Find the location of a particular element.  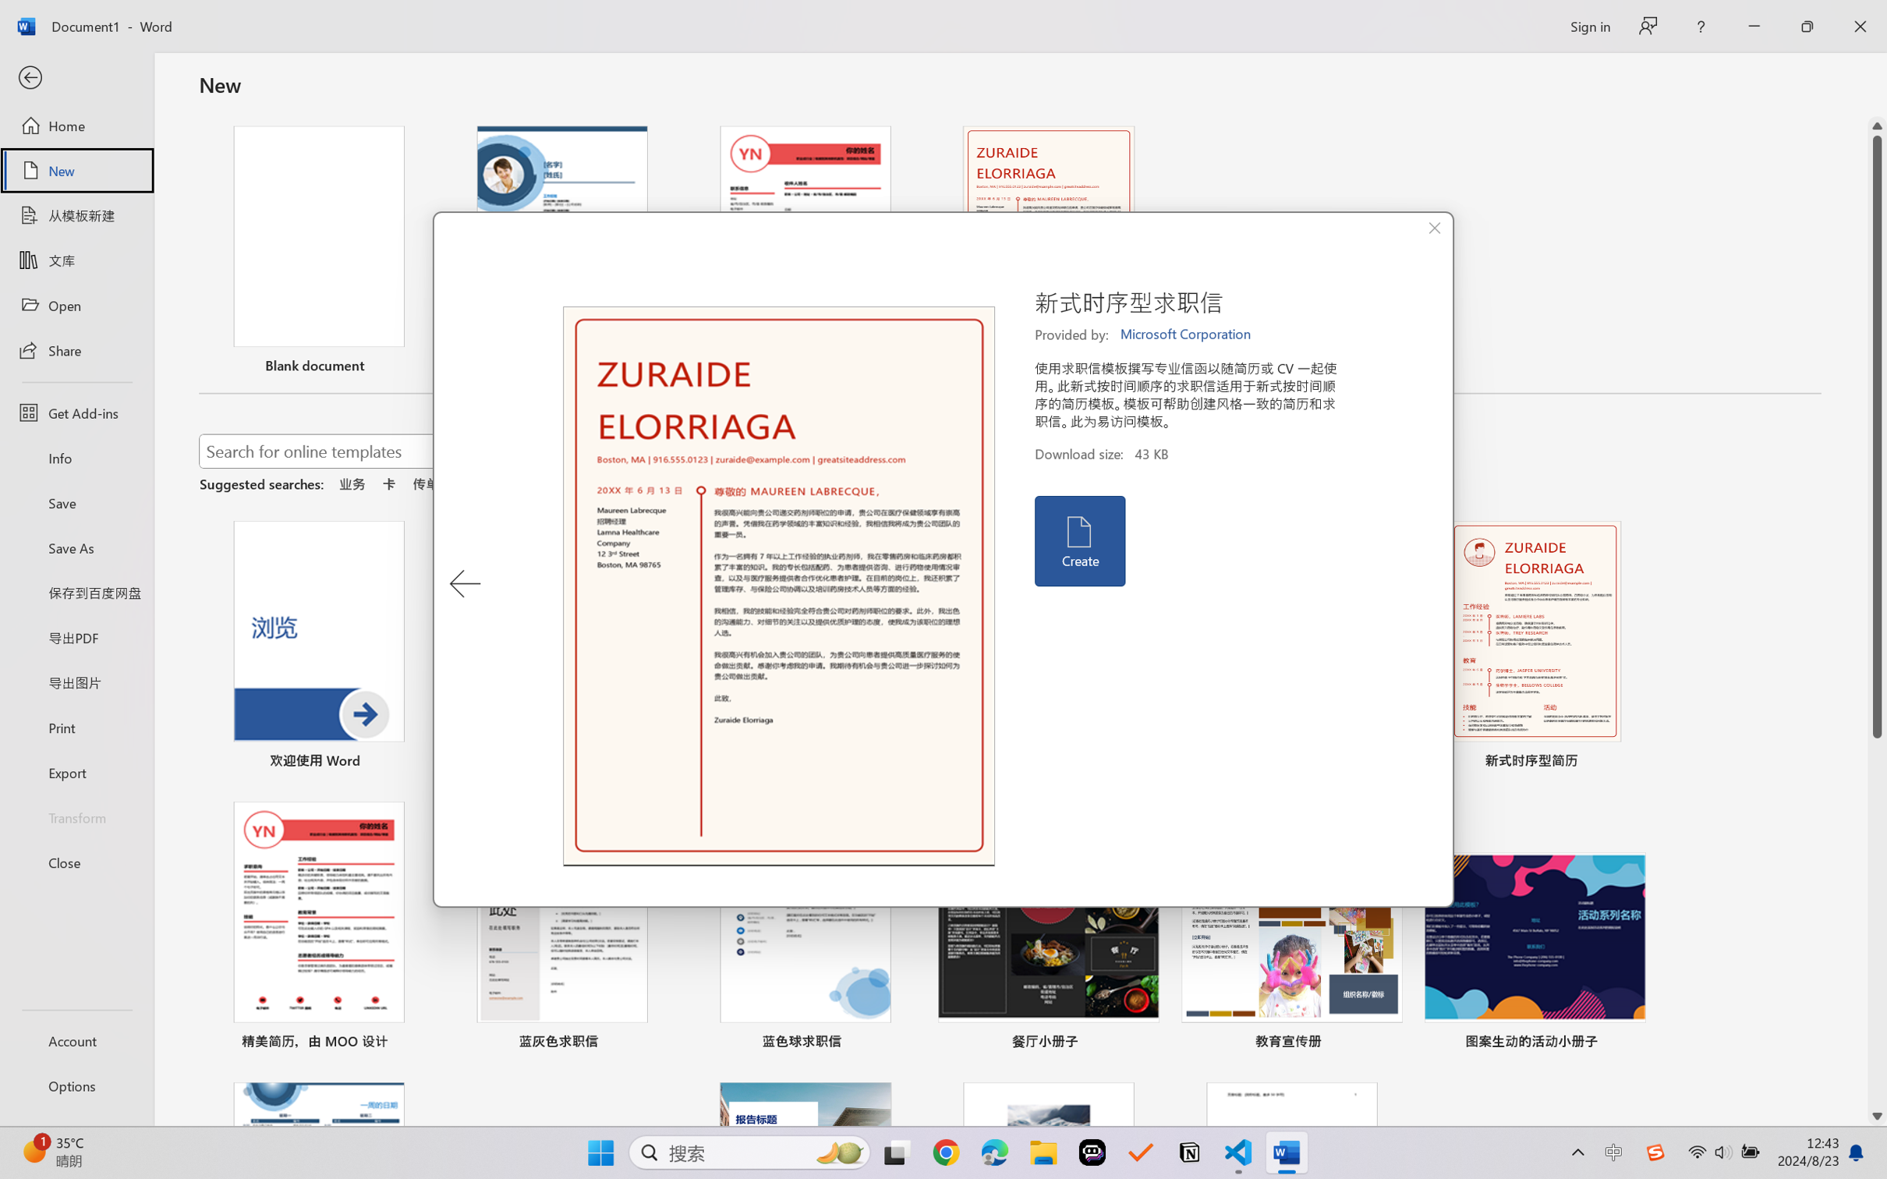

'Previous Template' is located at coordinates (465, 583).